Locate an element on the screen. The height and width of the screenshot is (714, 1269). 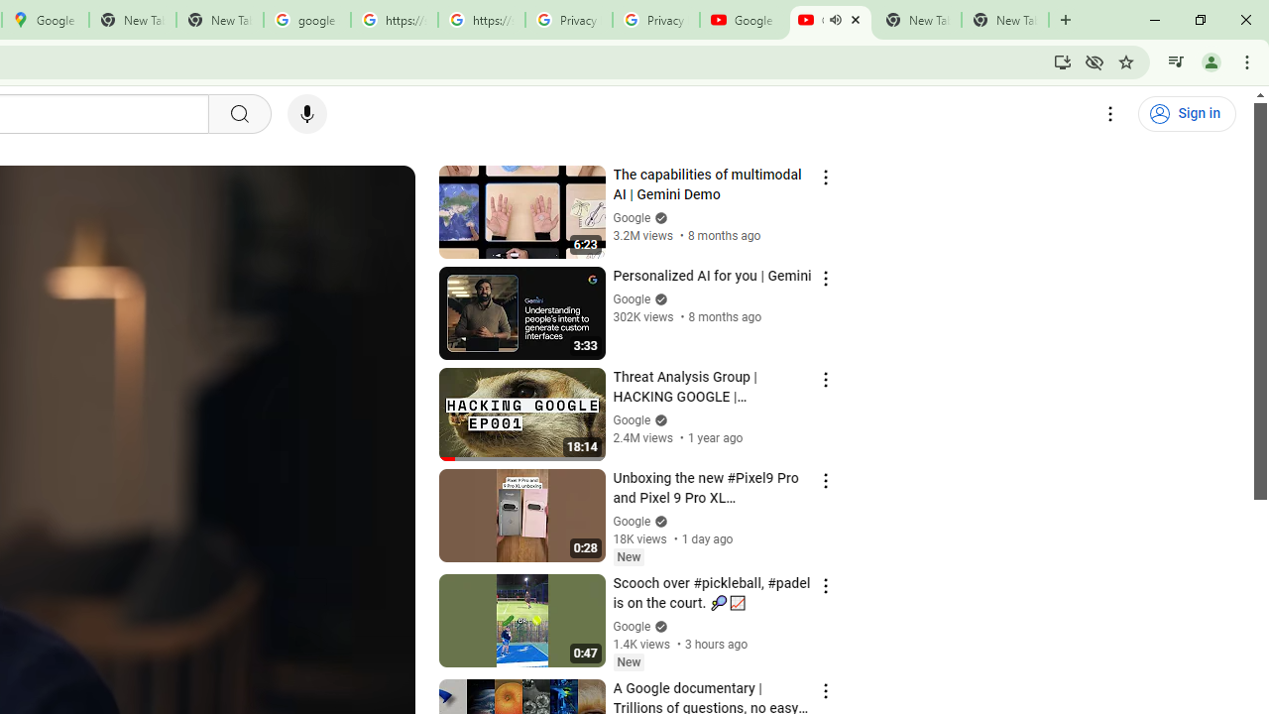
'Search with your voice' is located at coordinates (305, 114).